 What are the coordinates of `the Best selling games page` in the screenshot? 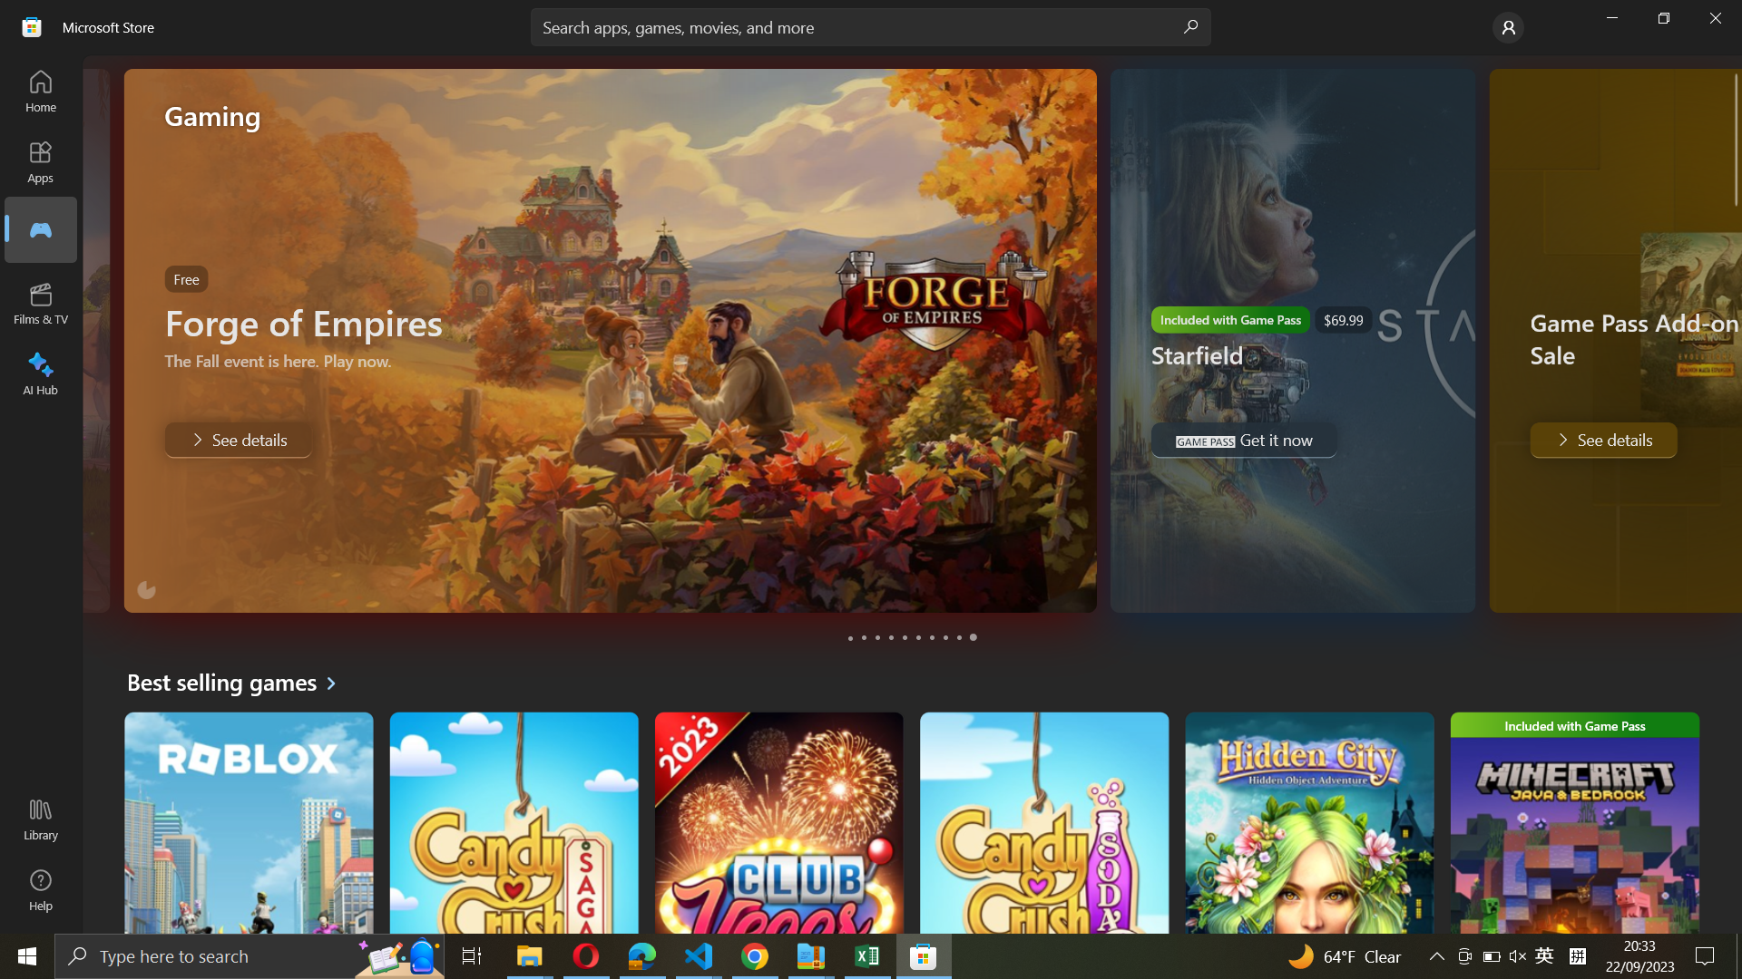 It's located at (238, 682).